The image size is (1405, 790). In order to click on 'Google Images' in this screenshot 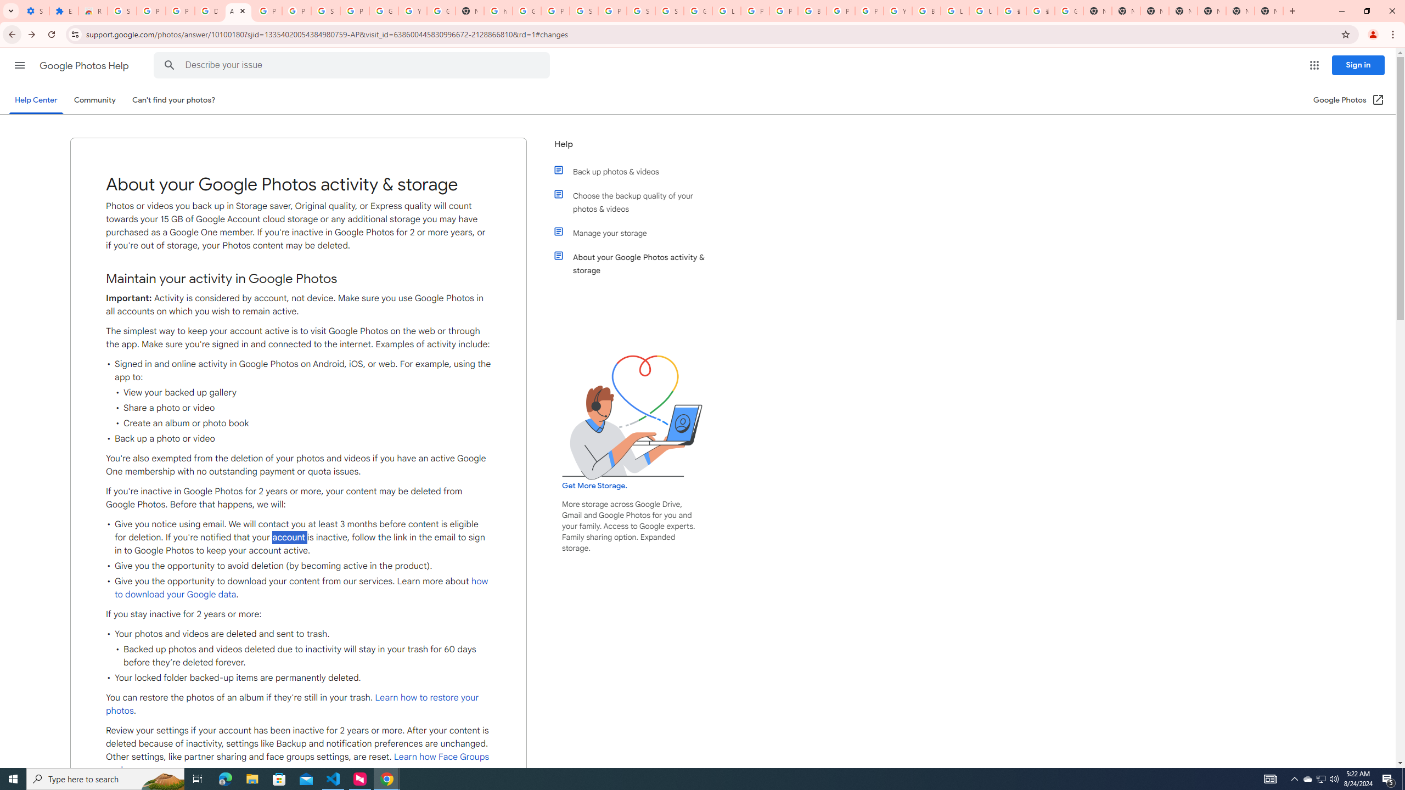, I will do `click(1069, 10)`.